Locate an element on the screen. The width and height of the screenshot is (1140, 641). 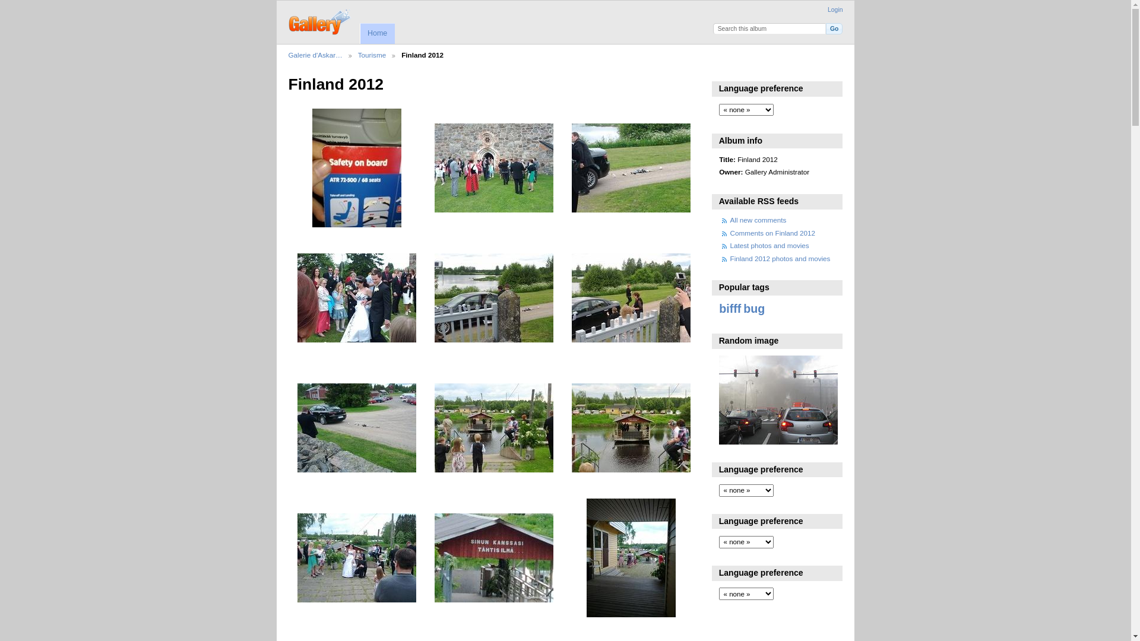
'bifff' is located at coordinates (729, 308).